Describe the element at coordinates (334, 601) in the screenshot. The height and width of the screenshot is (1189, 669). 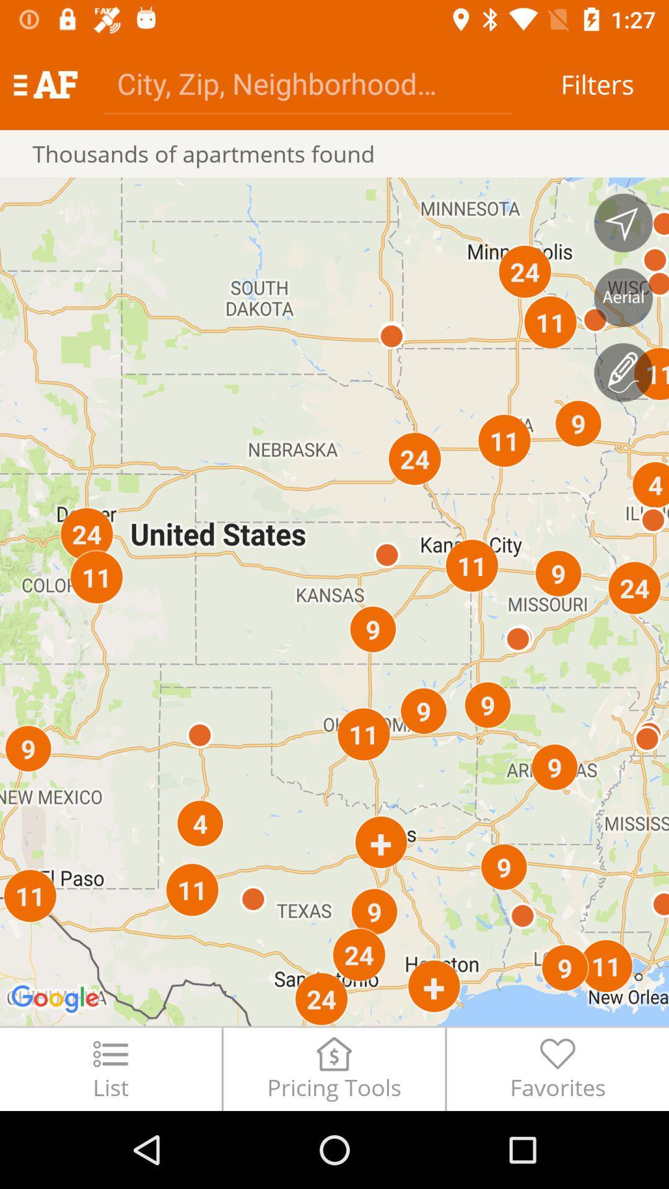
I see `icon below the thousands of apartments` at that location.